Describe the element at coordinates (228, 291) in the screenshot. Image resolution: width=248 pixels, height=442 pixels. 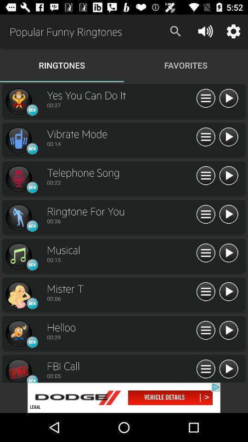
I see `song` at that location.